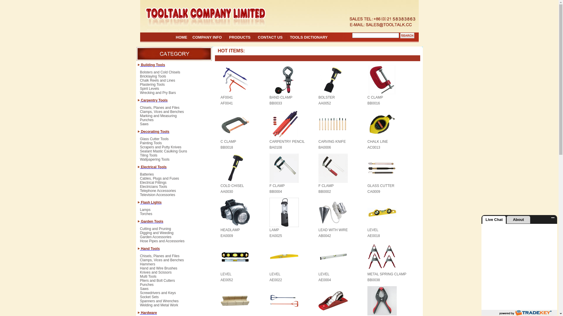 Image resolution: width=563 pixels, height=316 pixels. Describe the element at coordinates (149, 90) in the screenshot. I see `'Spirit Levels'` at that location.